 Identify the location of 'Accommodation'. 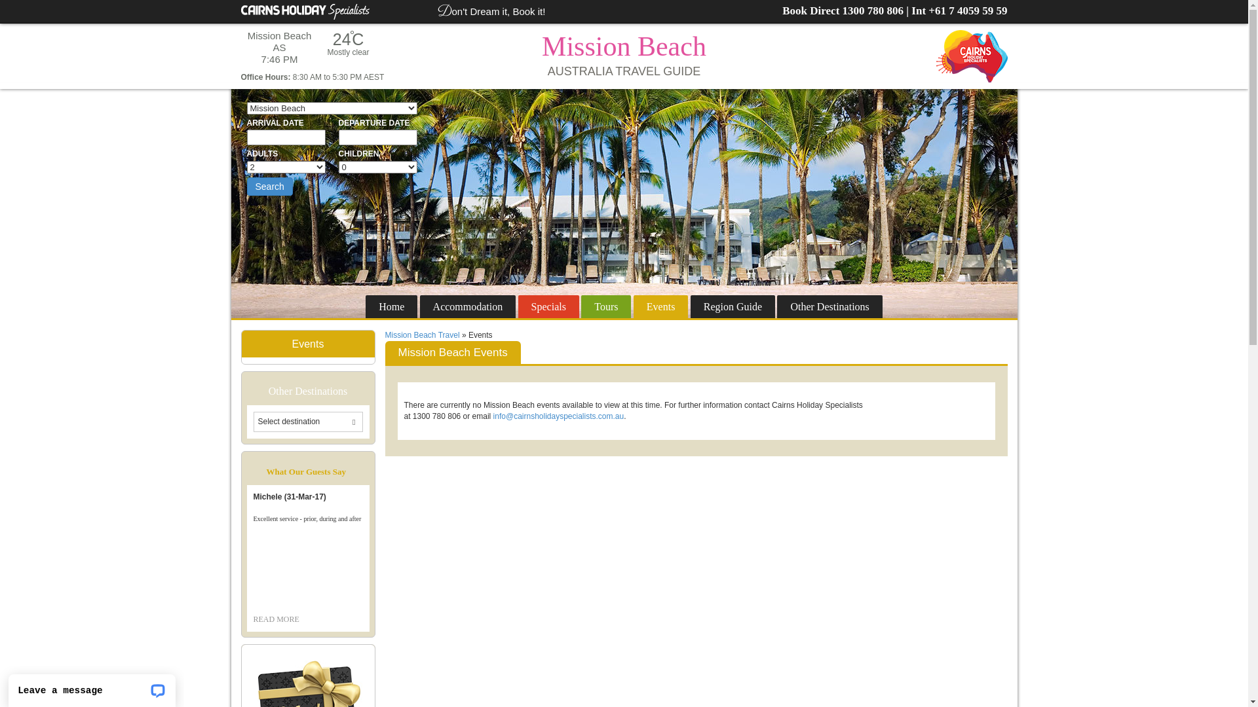
(468, 306).